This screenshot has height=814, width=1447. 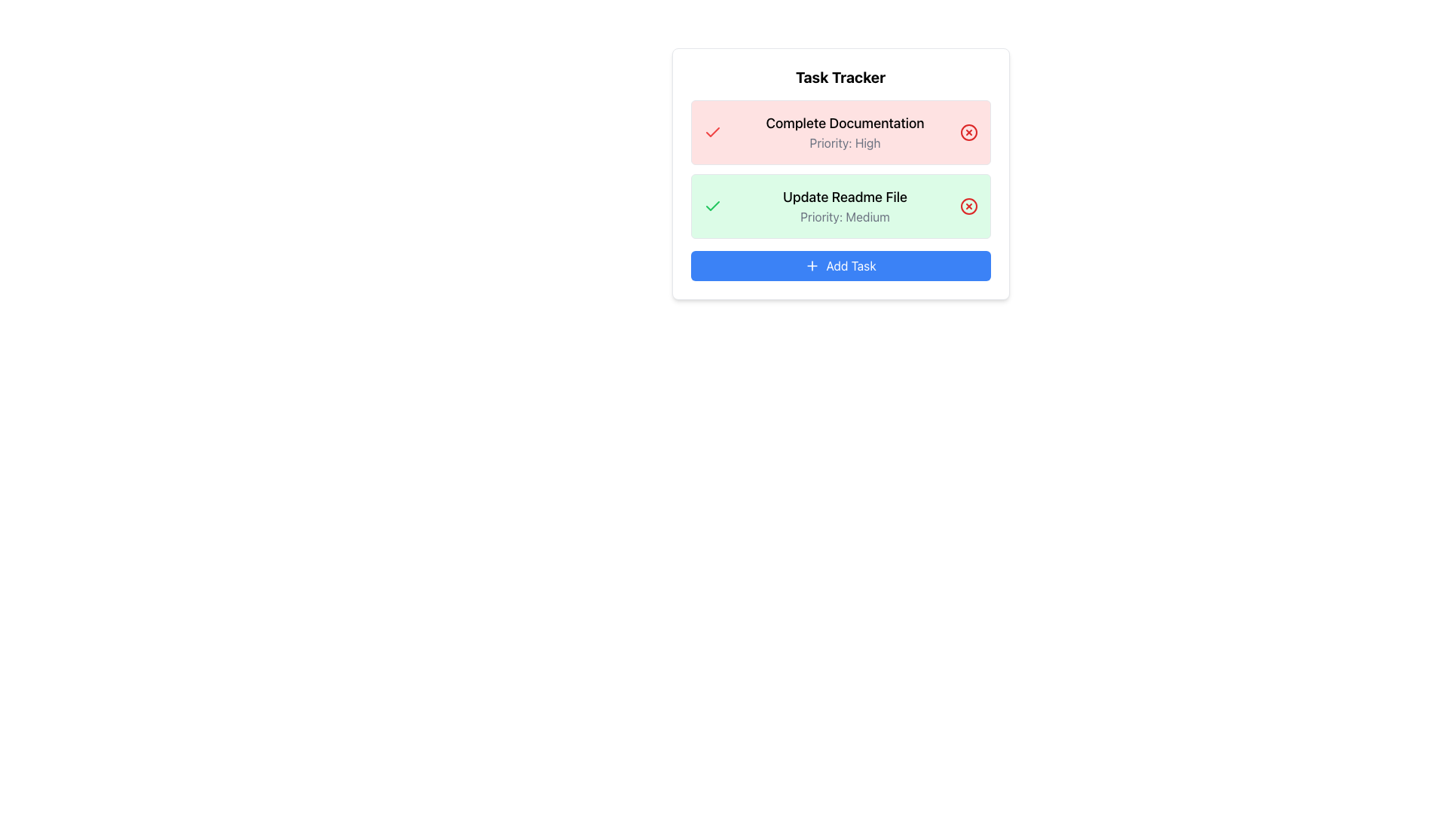 What do you see at coordinates (845, 197) in the screenshot?
I see `the title text label of the task within the task management interface, located above the 'Priority: Medium' label in the second item of the task list` at bounding box center [845, 197].